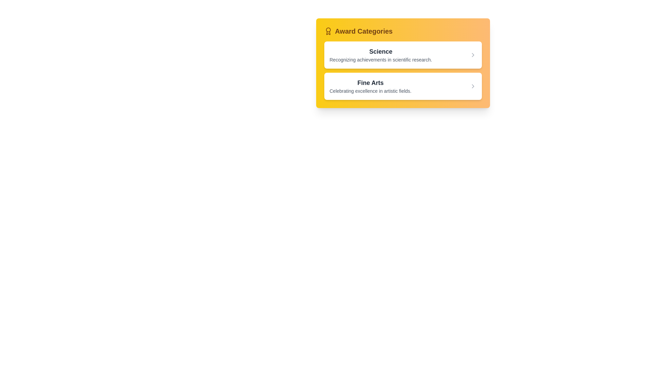  What do you see at coordinates (328, 31) in the screenshot?
I see `the circular badge icon with a ribbon-like base, styled in yellow, located at the top-left corner of the 'Award Categories' header` at bounding box center [328, 31].